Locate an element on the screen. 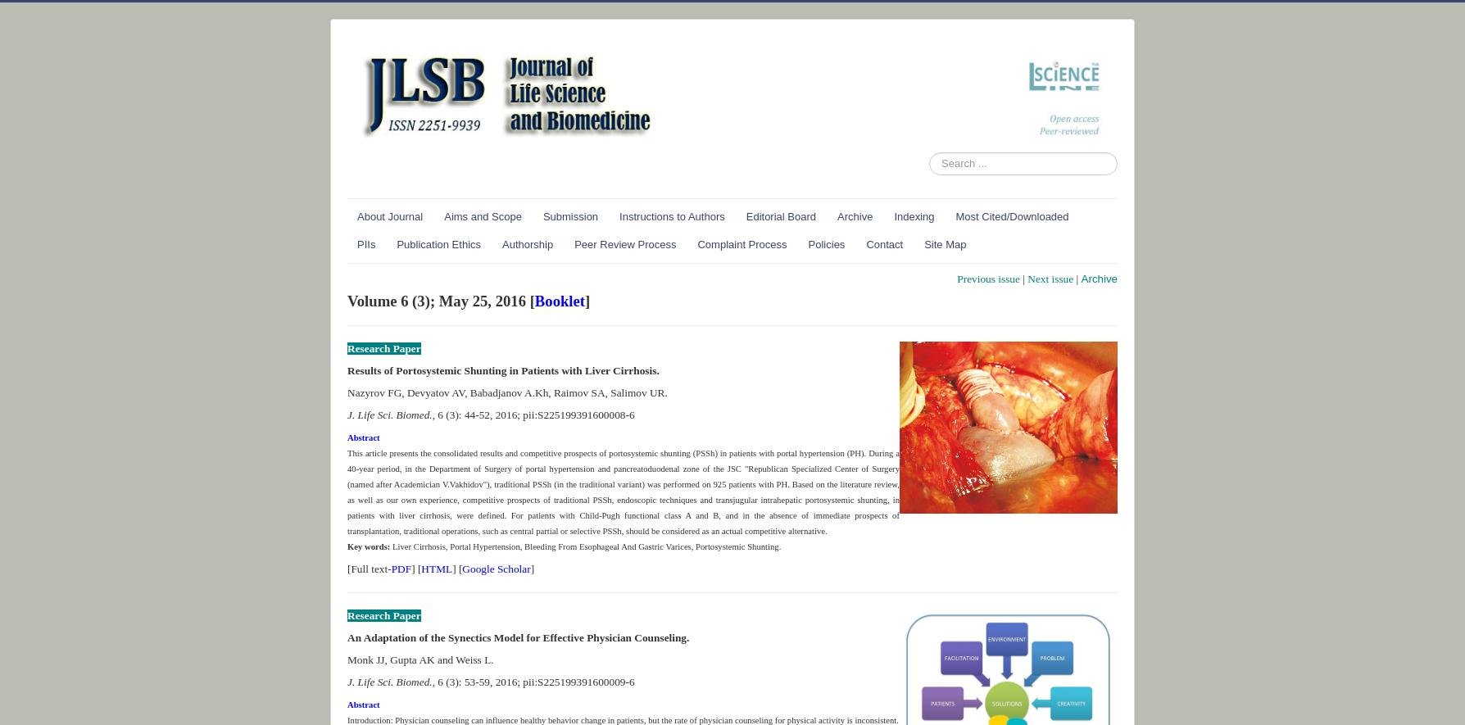 The height and width of the screenshot is (725, 1465). 'Policies' is located at coordinates (826, 242).